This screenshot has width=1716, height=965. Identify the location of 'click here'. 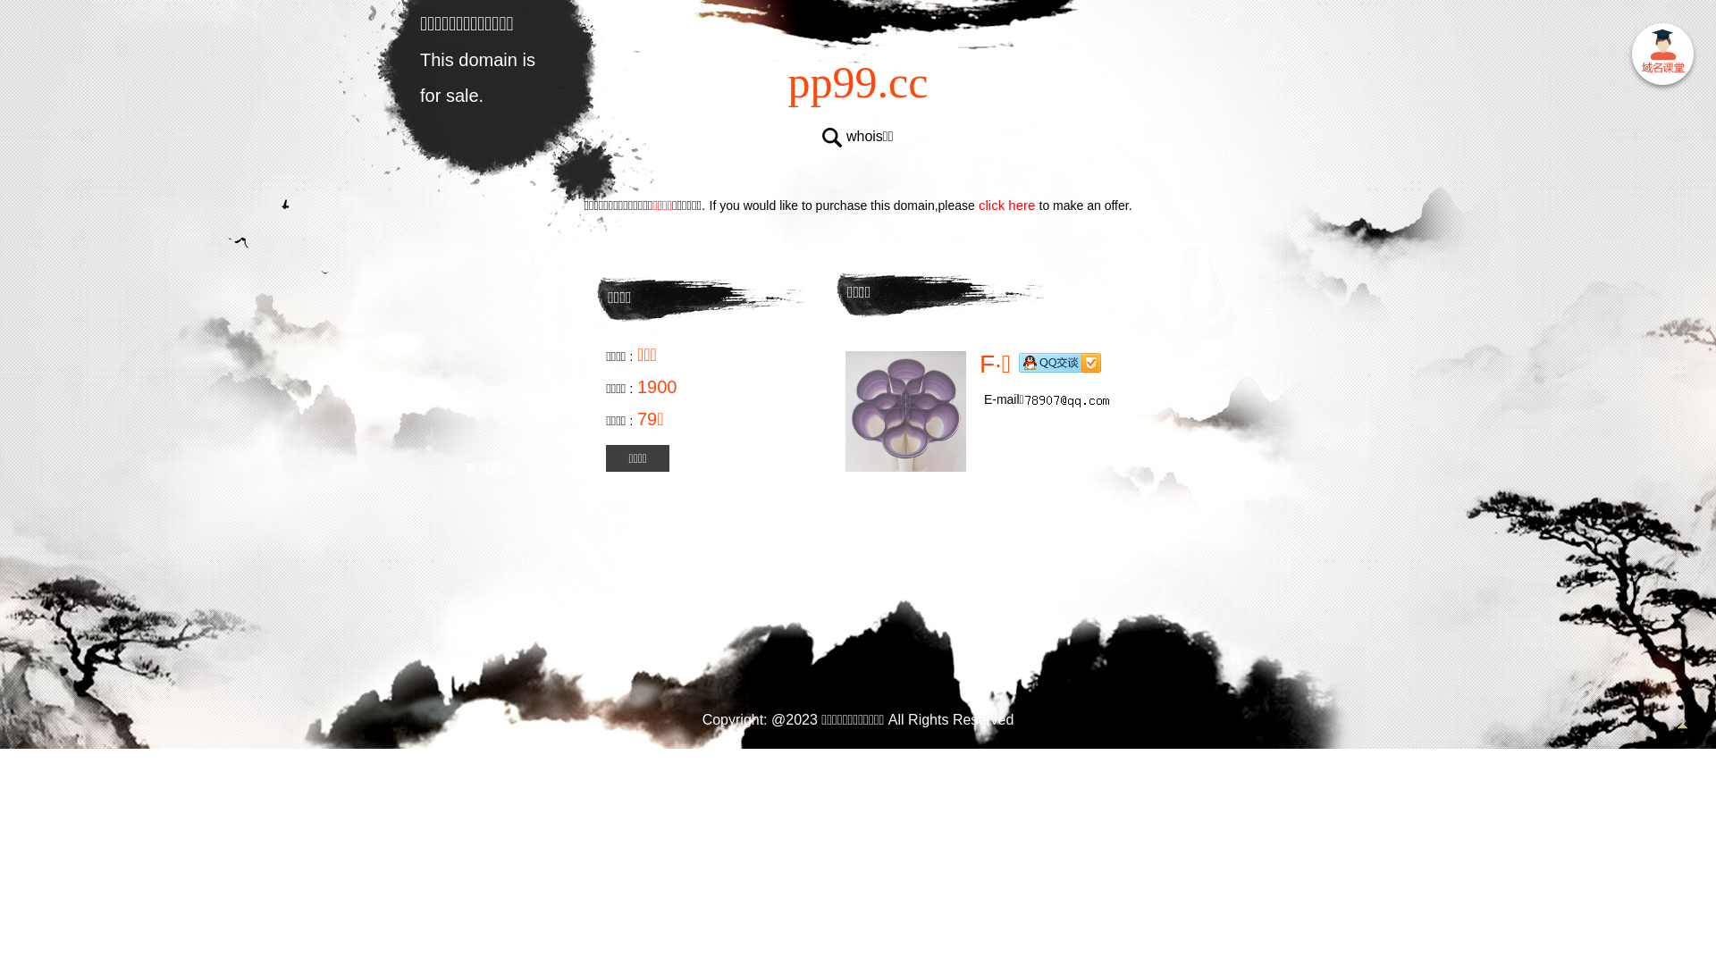
(973, 204).